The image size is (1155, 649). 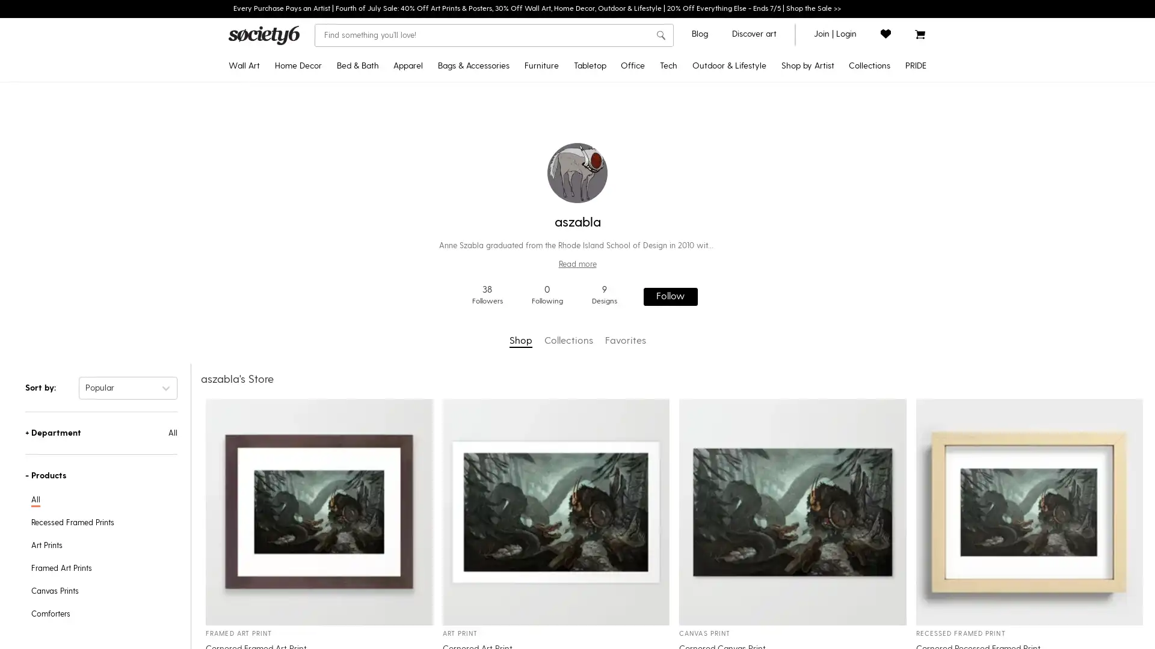 I want to click on Wrapping Paper, so click(x=662, y=232).